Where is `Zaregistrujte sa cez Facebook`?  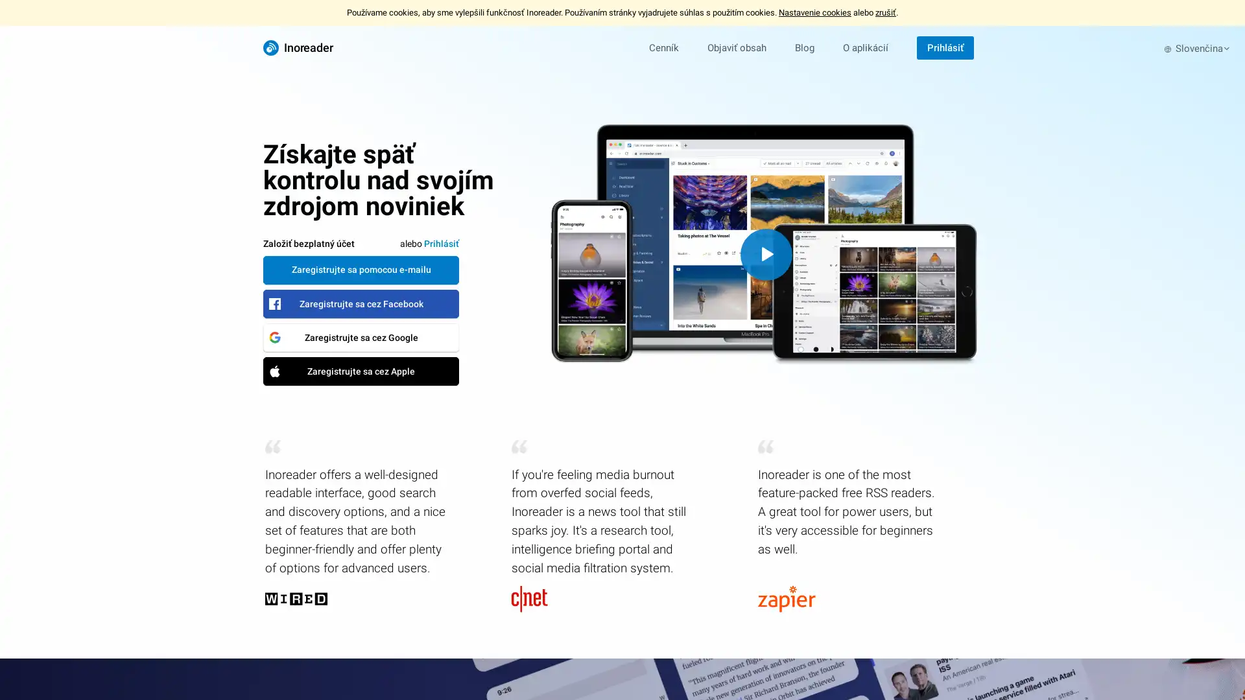
Zaregistrujte sa cez Facebook is located at coordinates (361, 303).